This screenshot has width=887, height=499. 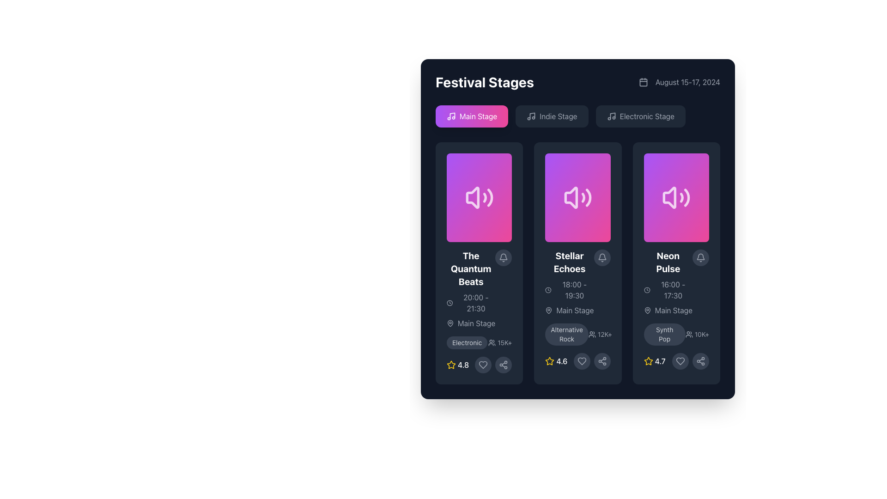 I want to click on the share icon represented by three interconnected circular nodes arranged in a triangular pattern located at the bottom-right corner of the 'Neon Pulse' card to initiate a share action, so click(x=700, y=361).